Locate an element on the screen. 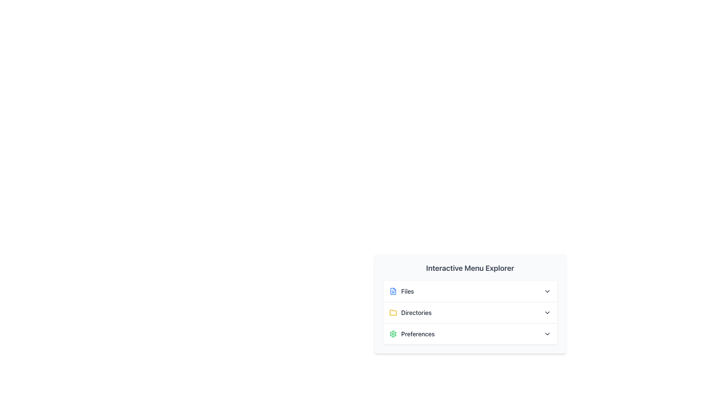  the 'Directories' menu item, which is the second item in a vertical menu containing 'Files', 'Directories', and 'Preferences' is located at coordinates (470, 312).